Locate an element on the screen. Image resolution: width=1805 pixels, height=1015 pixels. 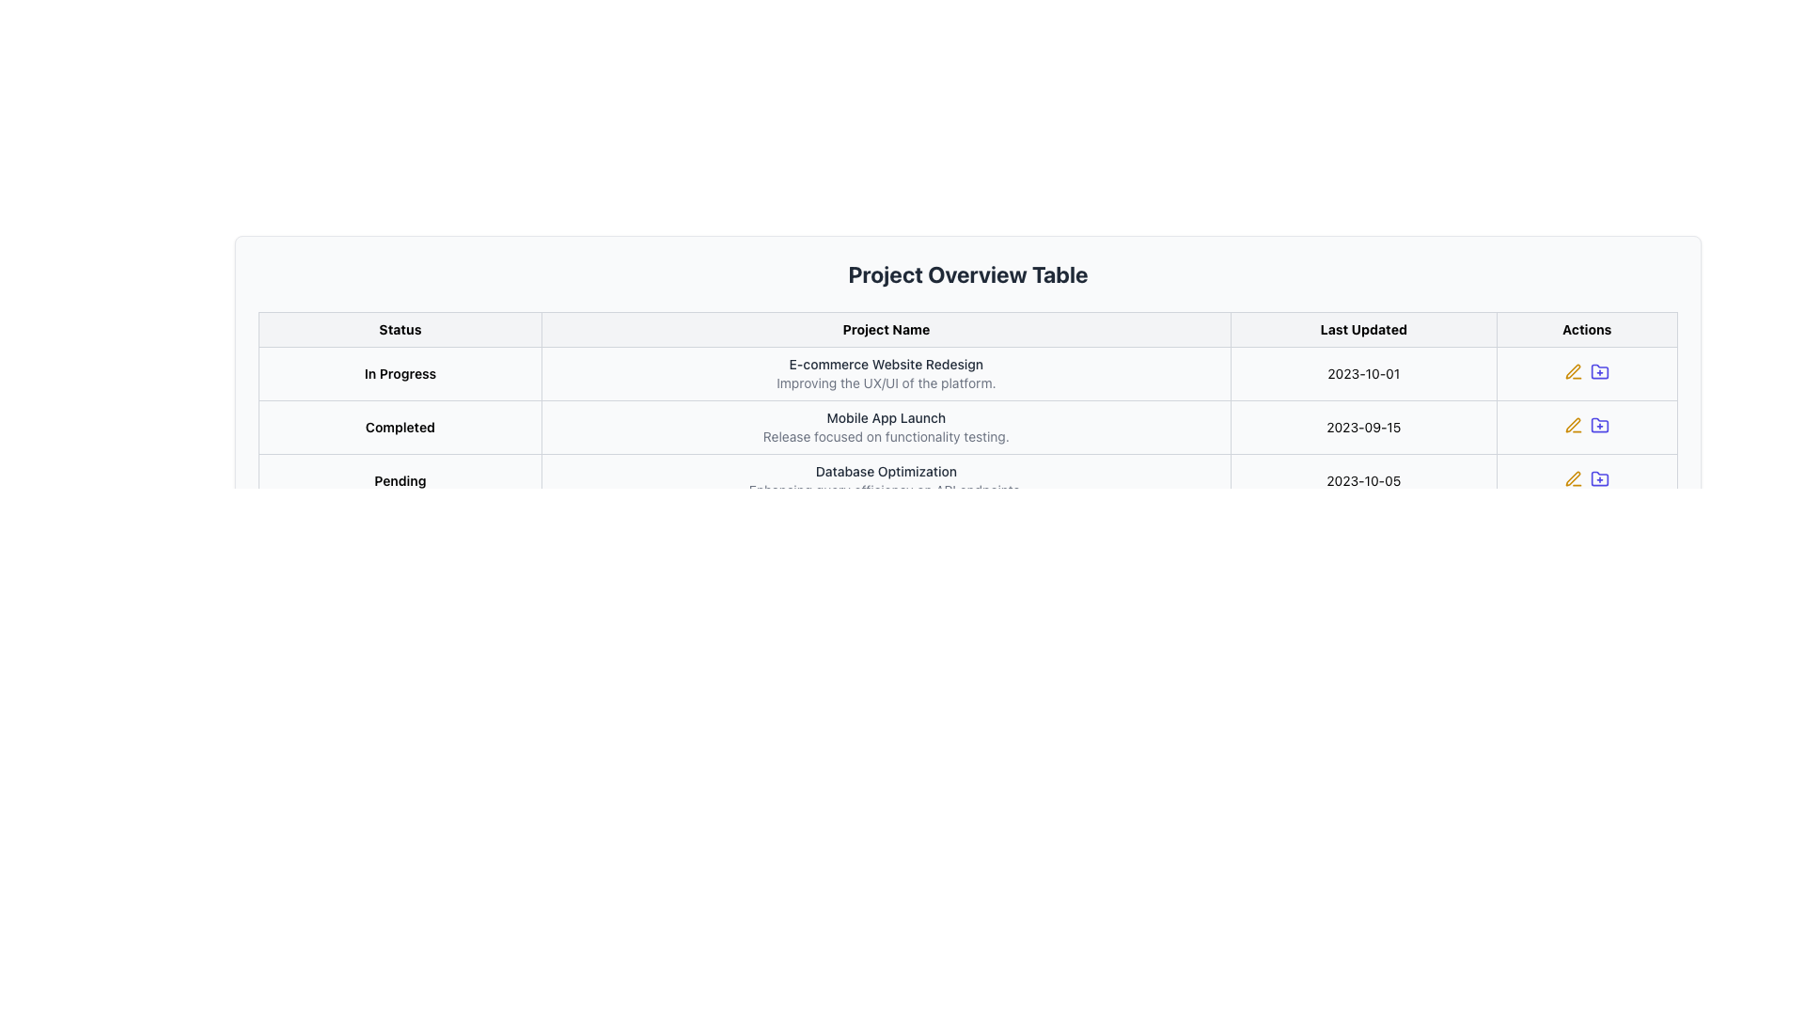
the informational label indicating the current status as 'Pending' located in the first column of the bottom row of the table under the 'Status' header is located at coordinates (399, 480).